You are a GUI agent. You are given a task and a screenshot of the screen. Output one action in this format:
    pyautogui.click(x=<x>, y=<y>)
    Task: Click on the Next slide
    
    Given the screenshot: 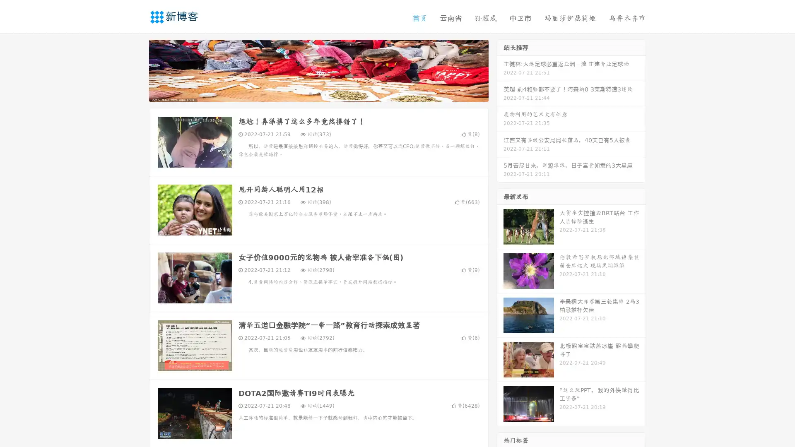 What is the action you would take?
    pyautogui.click(x=500, y=70)
    